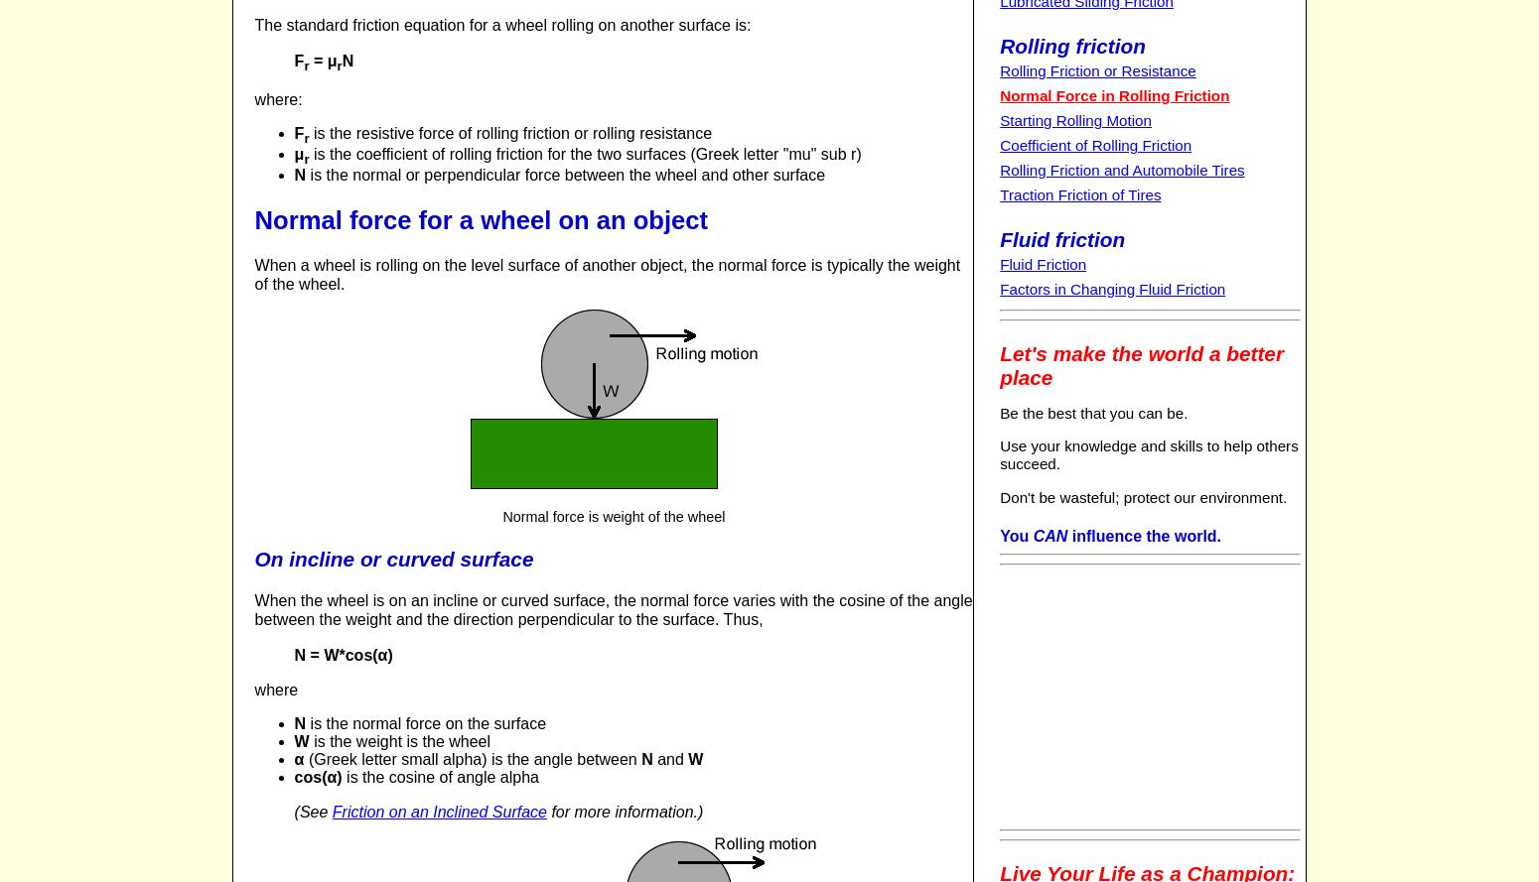  Describe the element at coordinates (439, 812) in the screenshot. I see `'Friction on an Inclined Surface'` at that location.